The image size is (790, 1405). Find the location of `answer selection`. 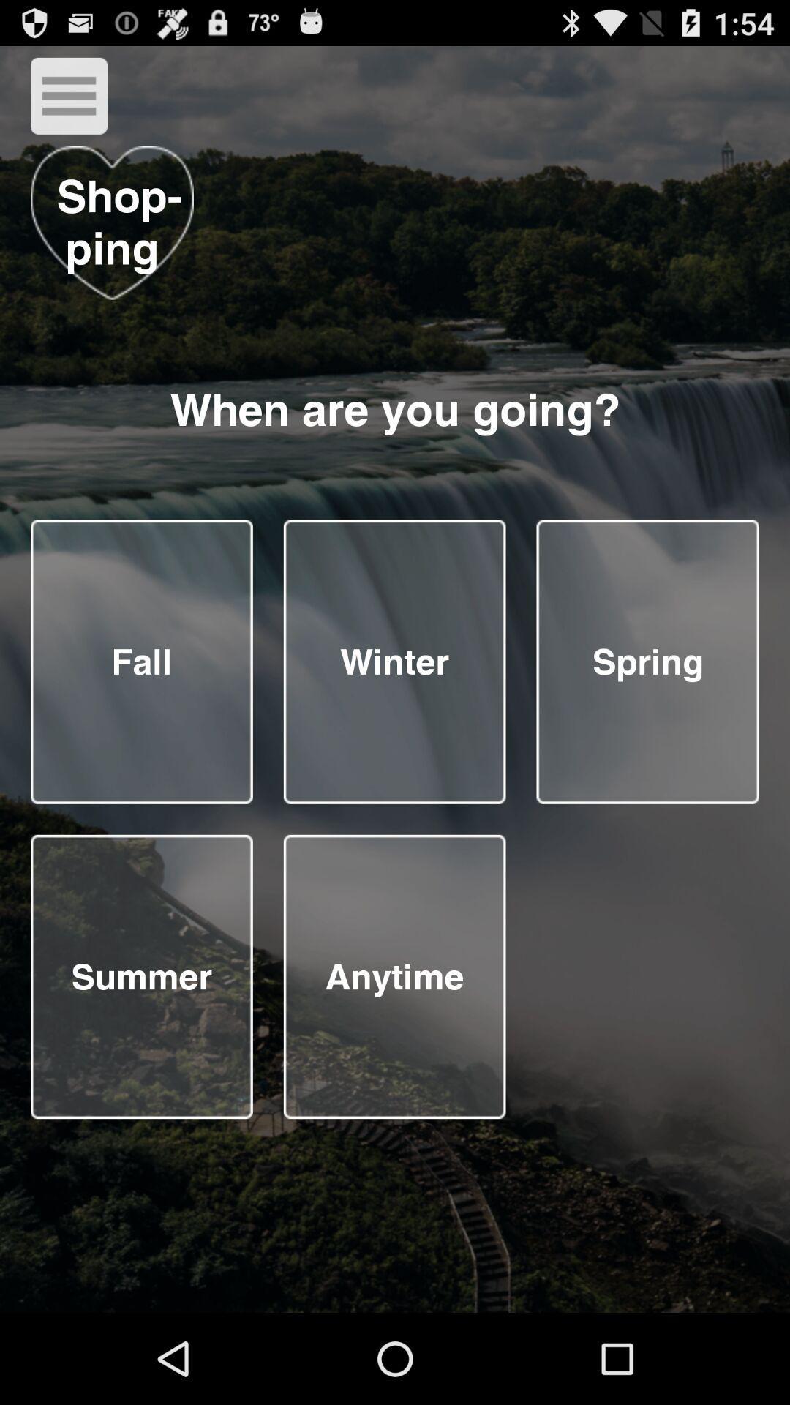

answer selection is located at coordinates (141, 976).